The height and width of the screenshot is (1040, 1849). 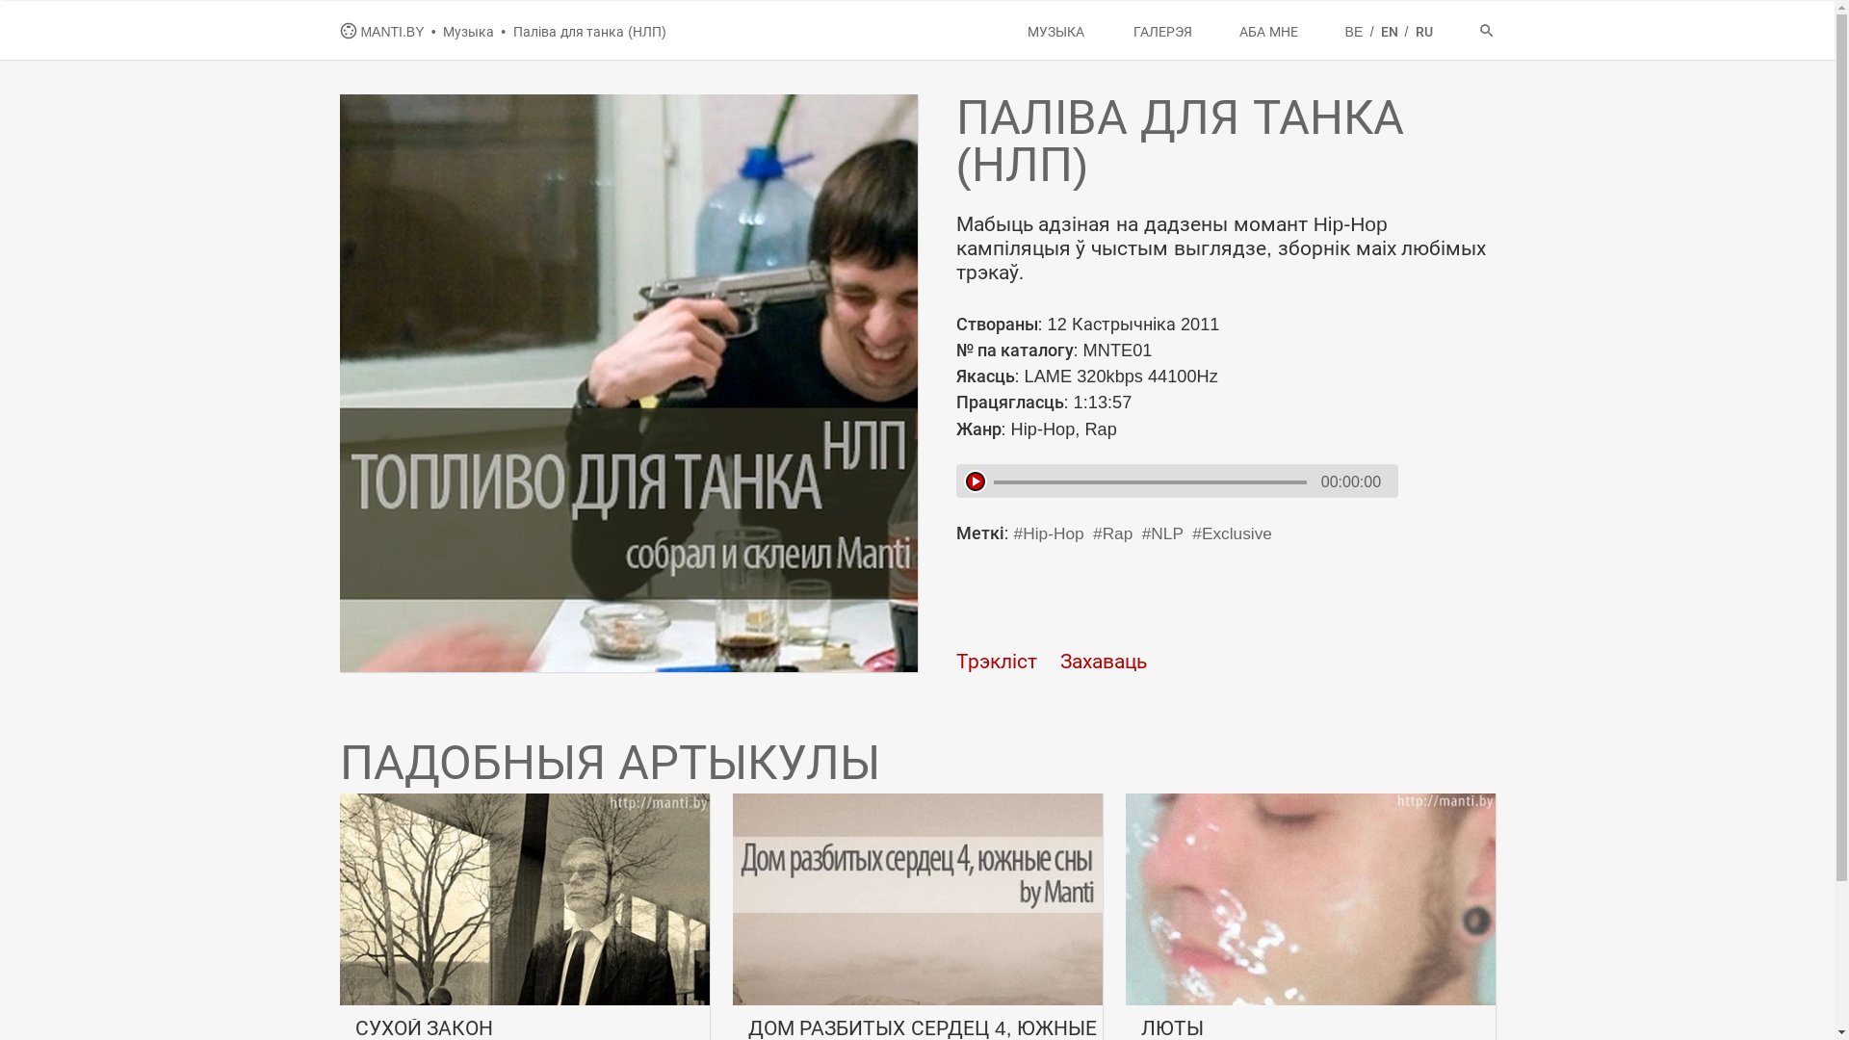 I want to click on 'NLP', so click(x=1141, y=533).